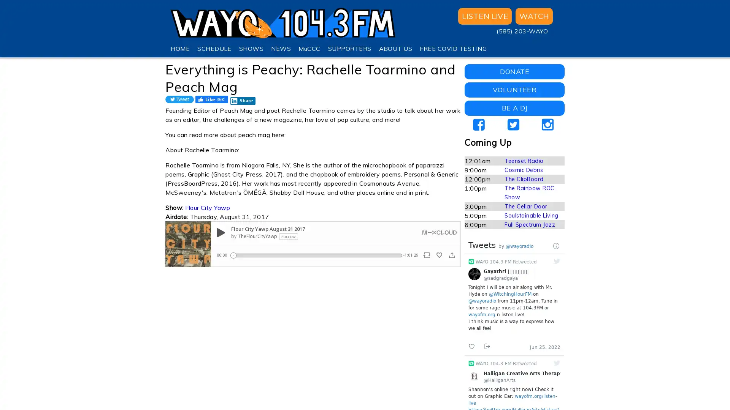 This screenshot has height=410, width=730. I want to click on Share, so click(242, 101).